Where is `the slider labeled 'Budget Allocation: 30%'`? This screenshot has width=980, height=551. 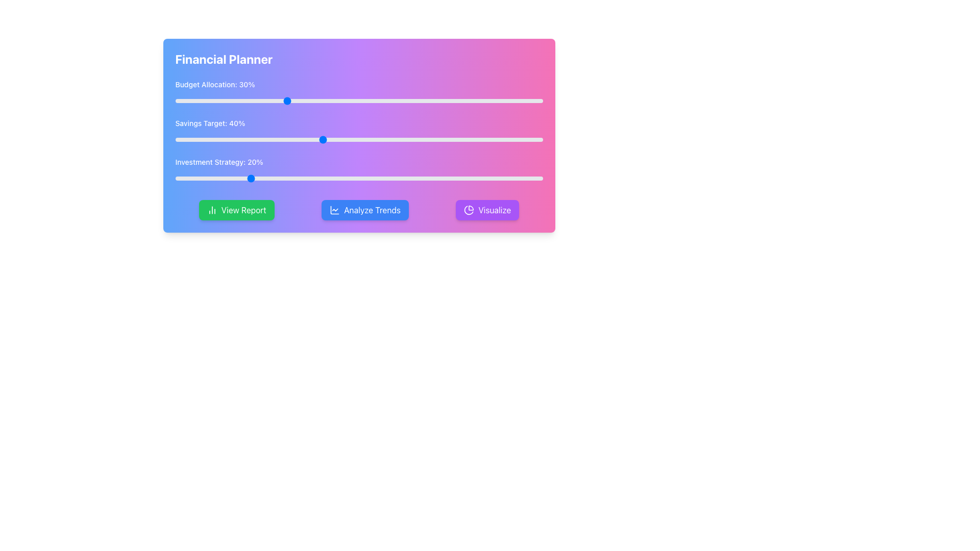
the slider labeled 'Budget Allocation: 30%' is located at coordinates (359, 92).